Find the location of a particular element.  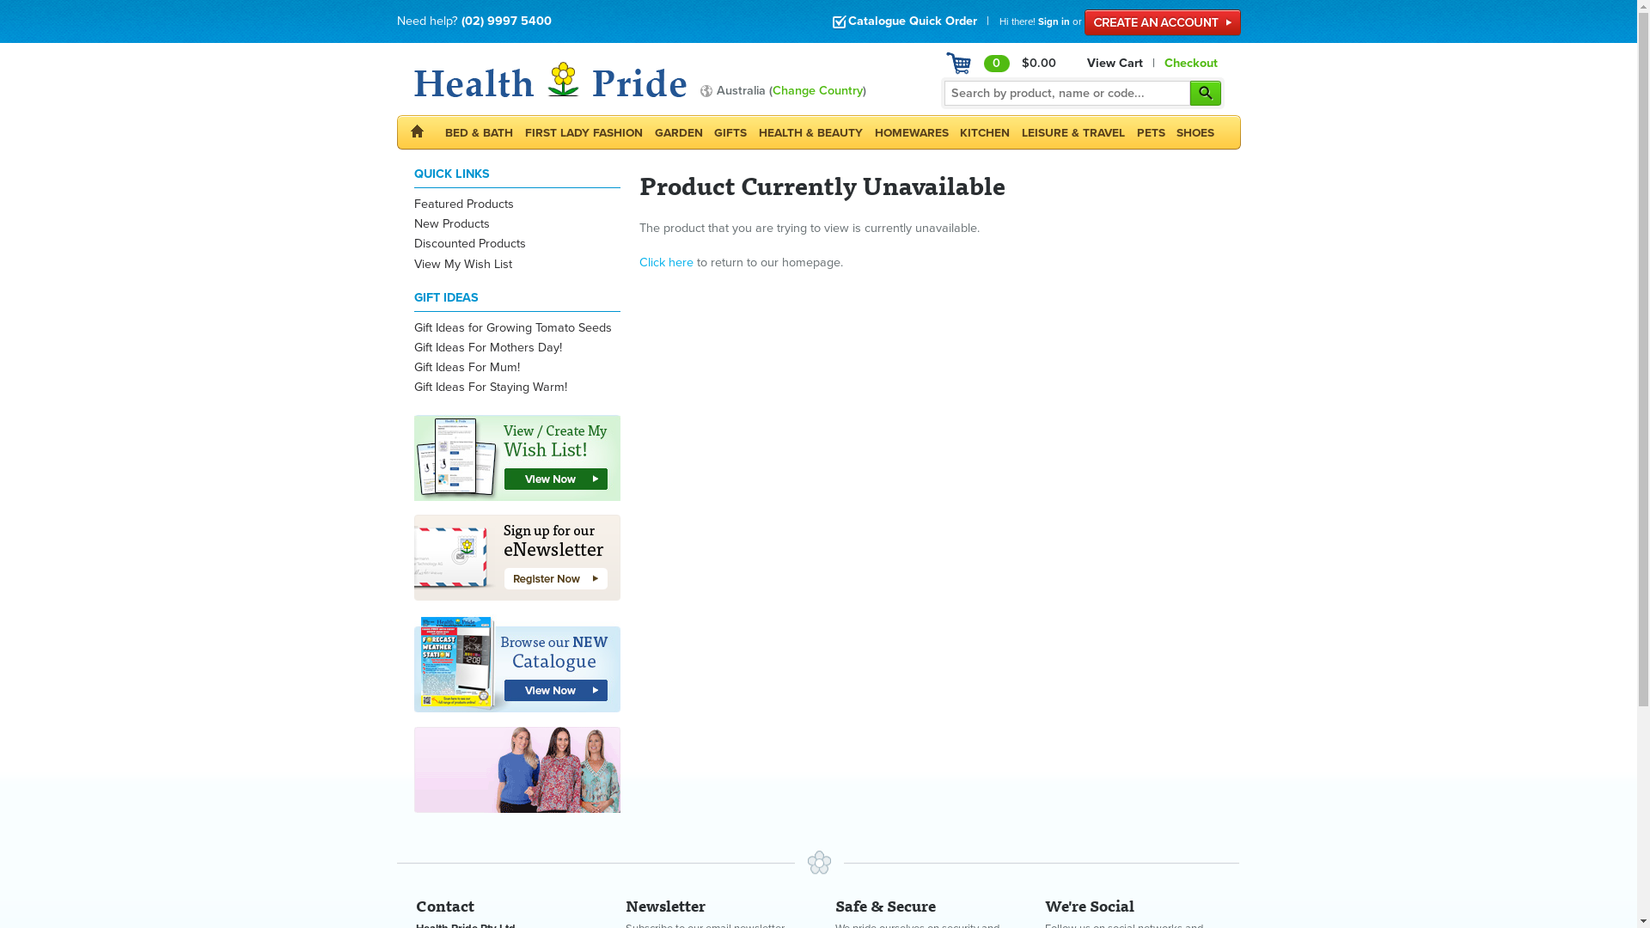

'Change Country' is located at coordinates (770, 90).